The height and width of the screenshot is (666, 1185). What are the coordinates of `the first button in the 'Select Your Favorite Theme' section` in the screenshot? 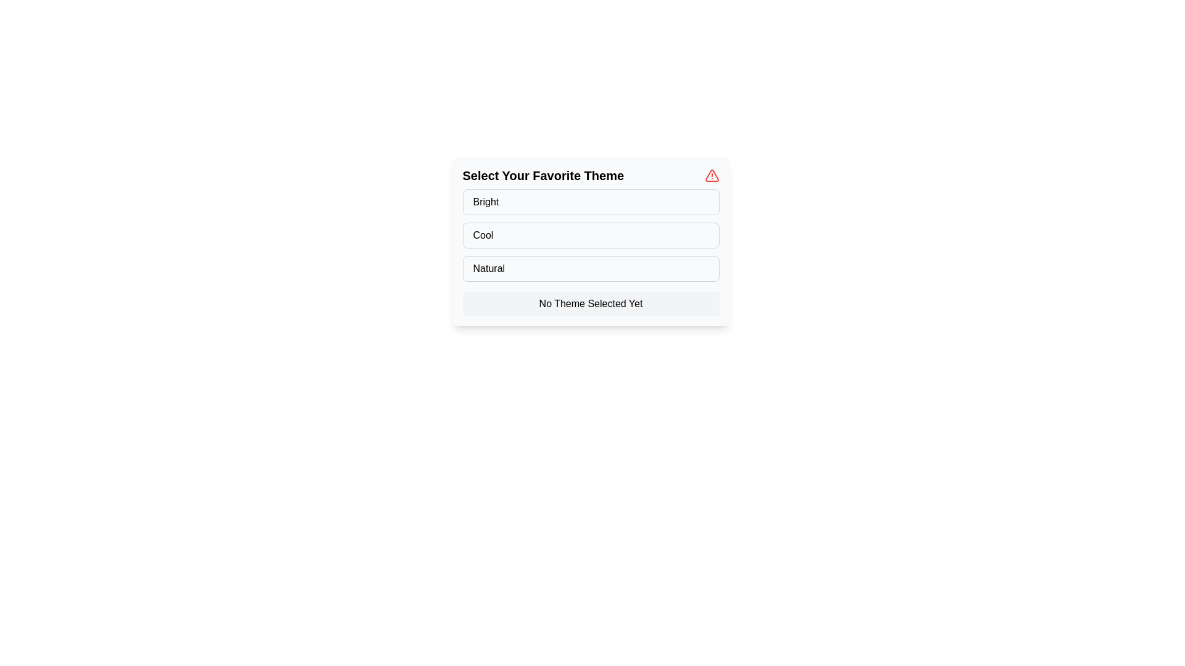 It's located at (590, 201).